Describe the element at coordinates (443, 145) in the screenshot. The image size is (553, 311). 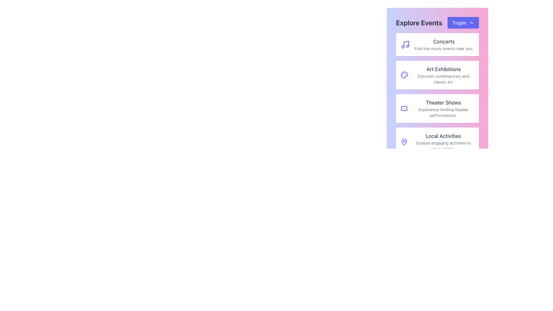
I see `the static text element that reads 'Explore engaging activities in your vicinity,' which is located below the 'Local Activities' header` at that location.